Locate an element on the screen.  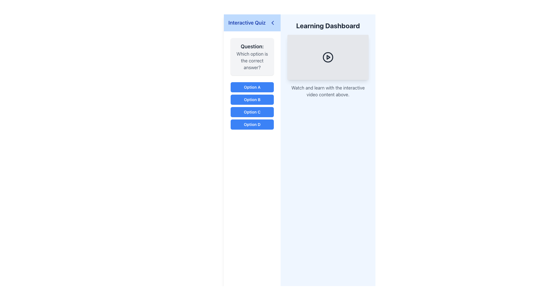
the Header bar titled 'Interactive Quiz' with a blue background is located at coordinates (252, 23).